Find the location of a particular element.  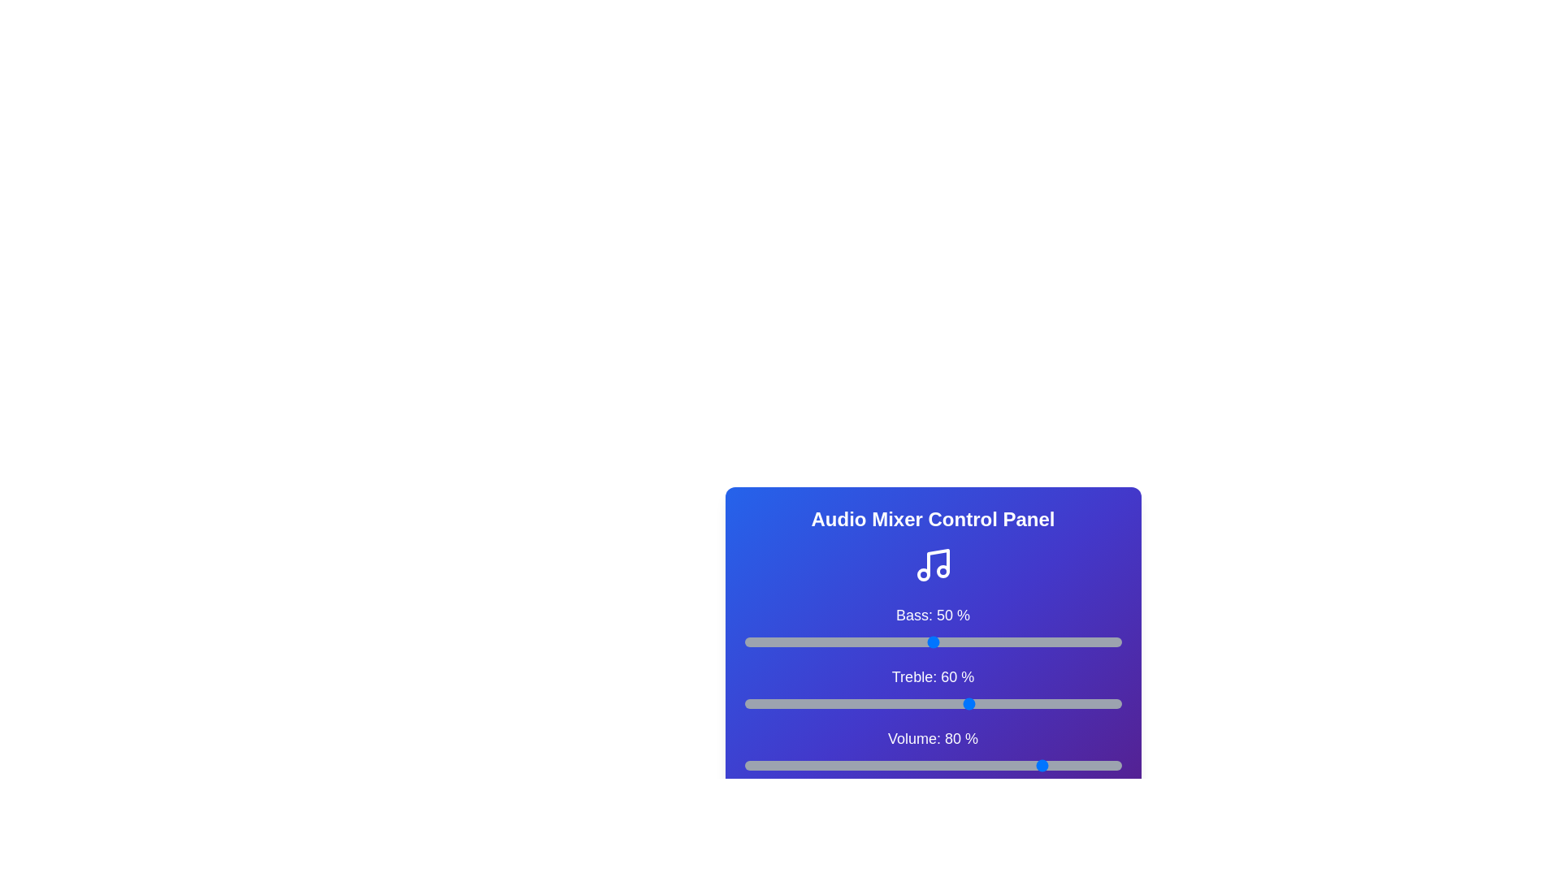

the bass slider to 47% is located at coordinates (921, 641).